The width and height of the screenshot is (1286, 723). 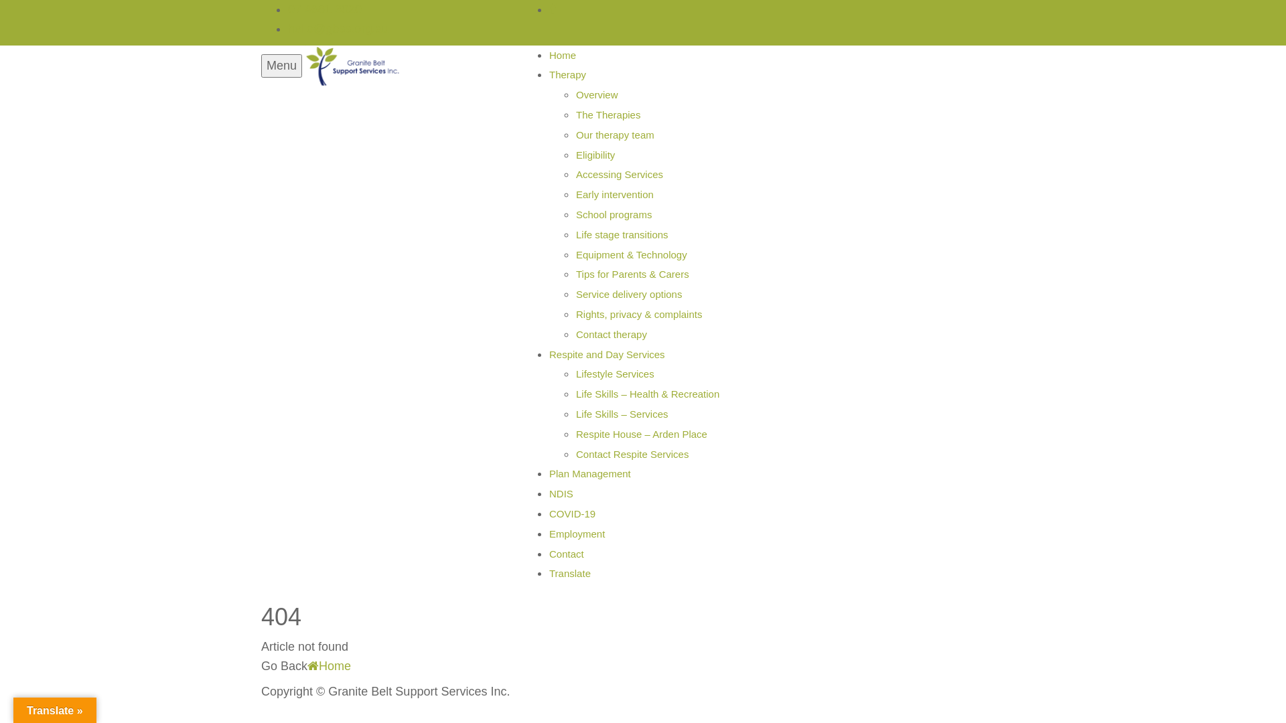 What do you see at coordinates (575, 135) in the screenshot?
I see `'Our therapy team'` at bounding box center [575, 135].